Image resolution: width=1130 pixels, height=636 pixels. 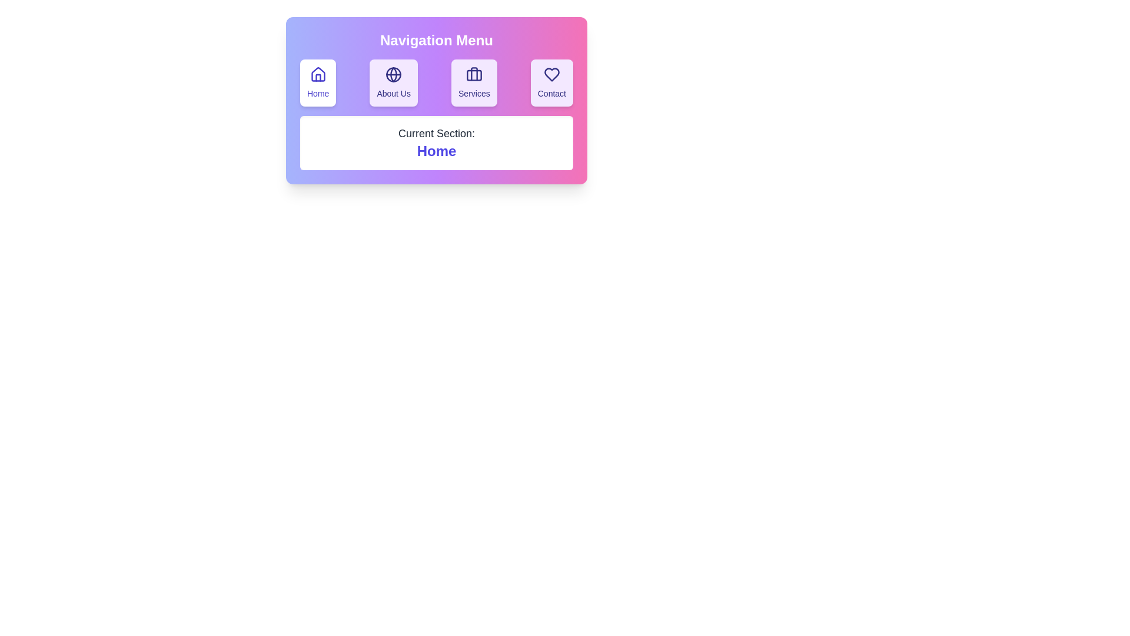 What do you see at coordinates (393, 82) in the screenshot?
I see `the About Us section by clicking the corresponding navigation button` at bounding box center [393, 82].